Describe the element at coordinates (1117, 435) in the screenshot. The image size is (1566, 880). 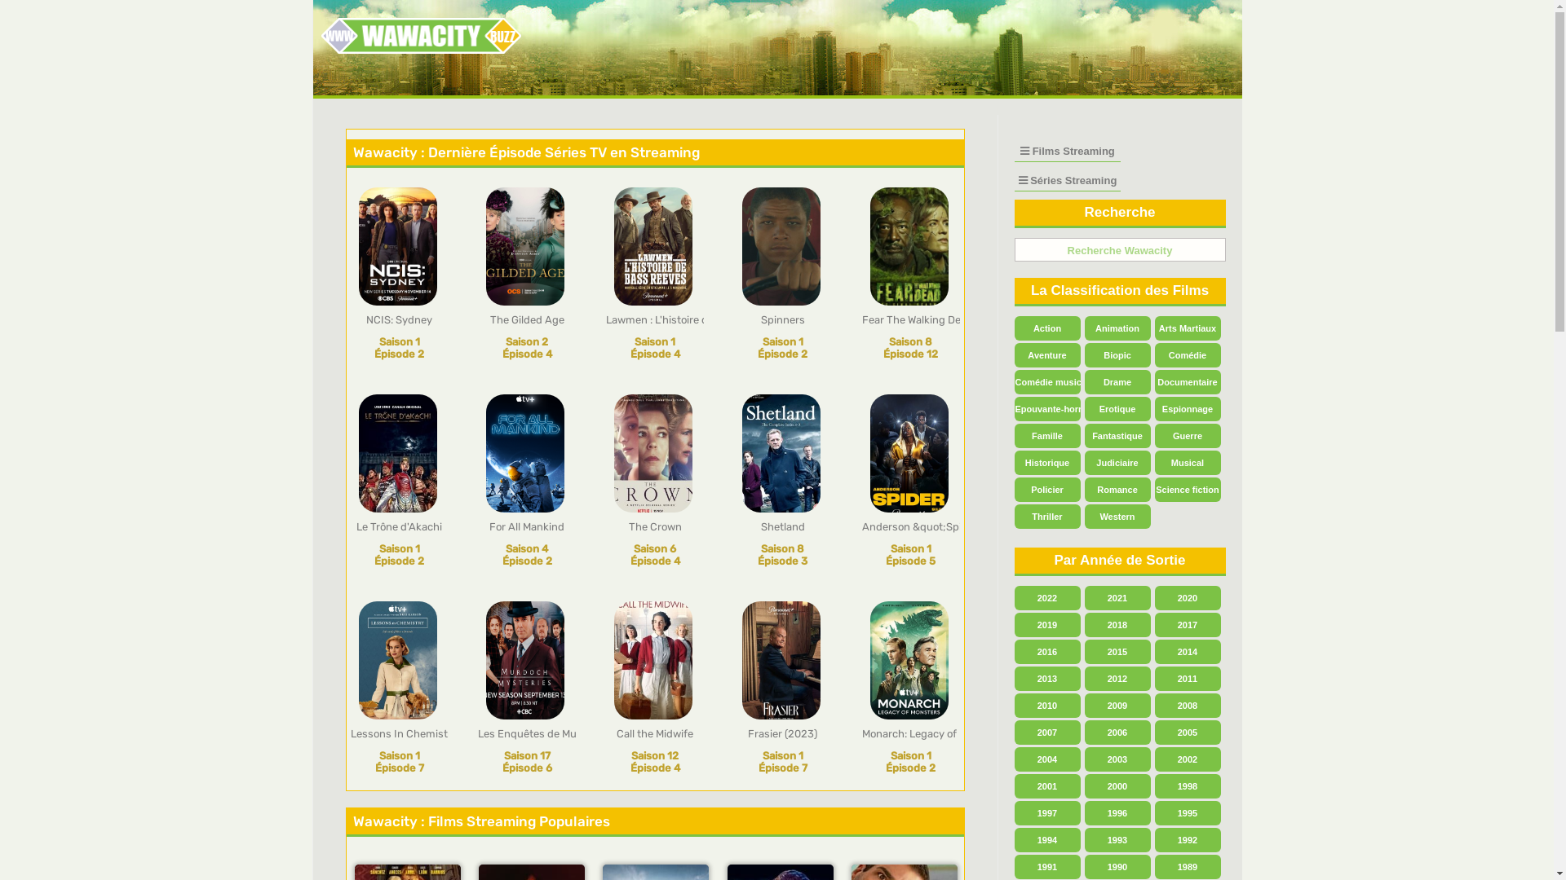
I see `'Fantastique'` at that location.